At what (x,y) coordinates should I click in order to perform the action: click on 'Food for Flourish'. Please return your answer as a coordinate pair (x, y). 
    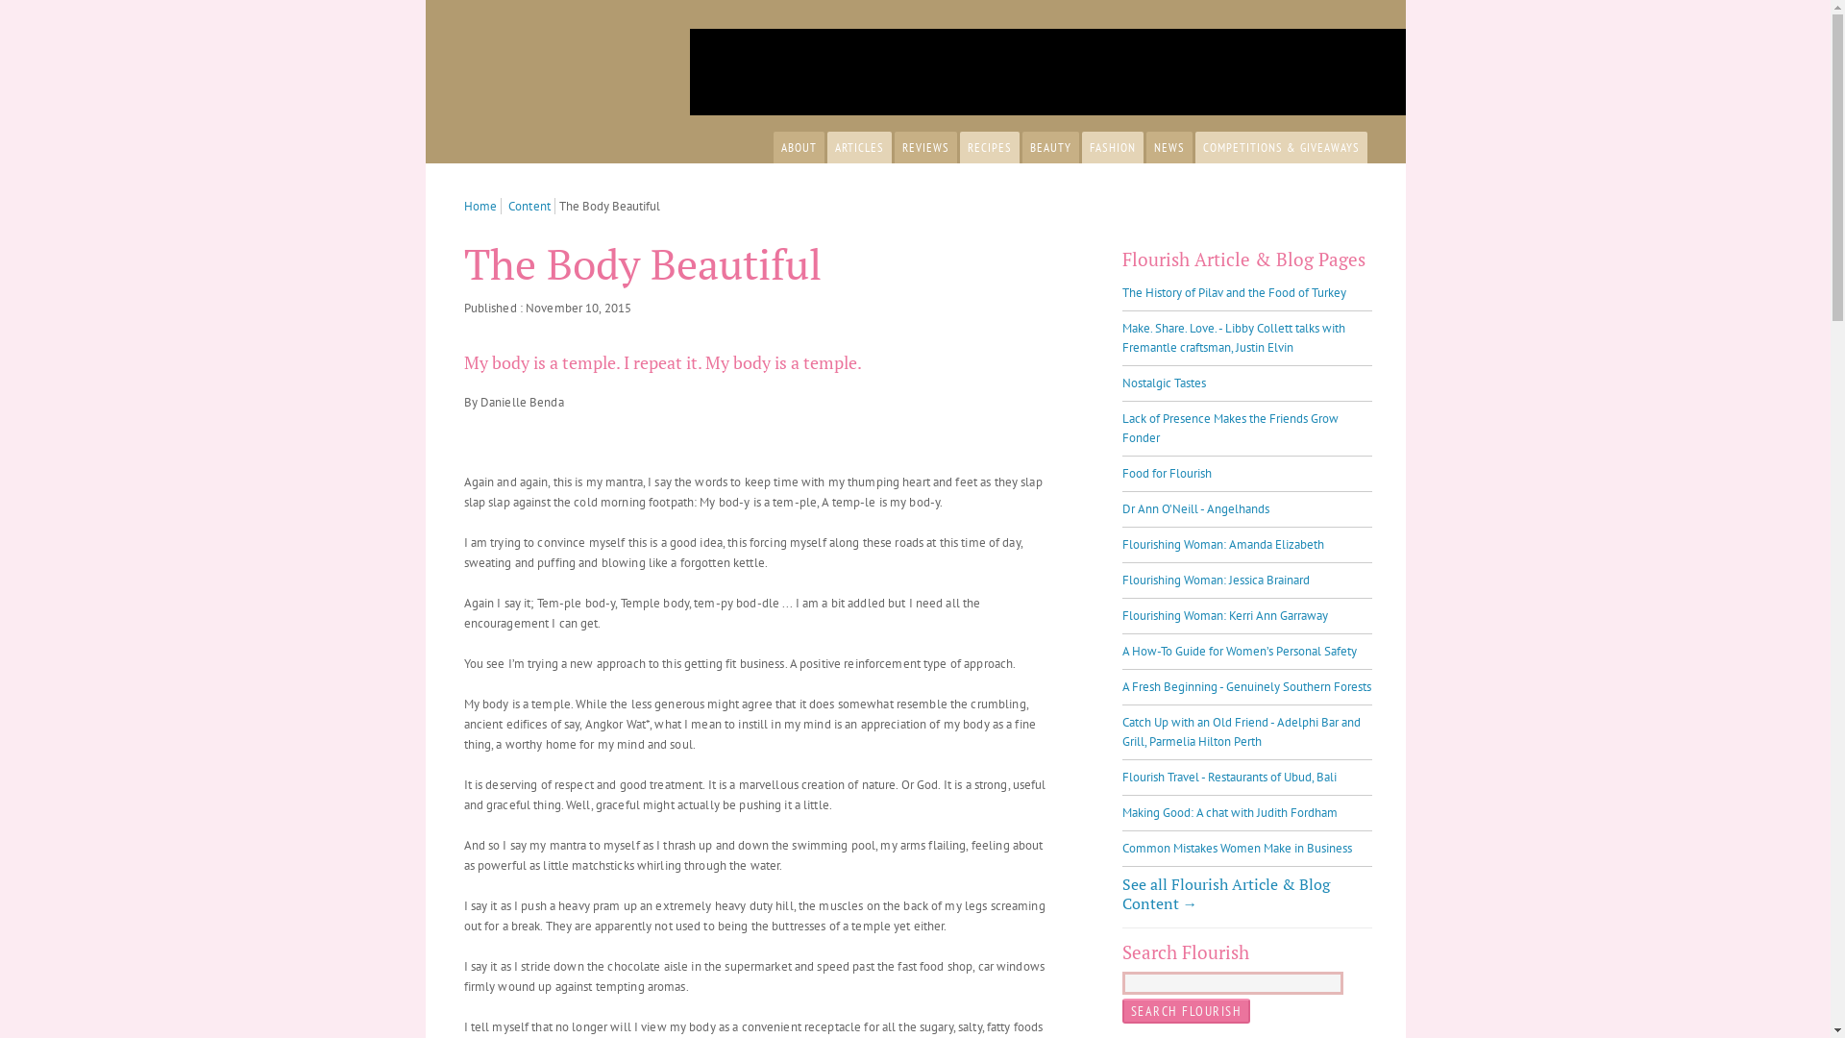
    Looking at the image, I should click on (1166, 473).